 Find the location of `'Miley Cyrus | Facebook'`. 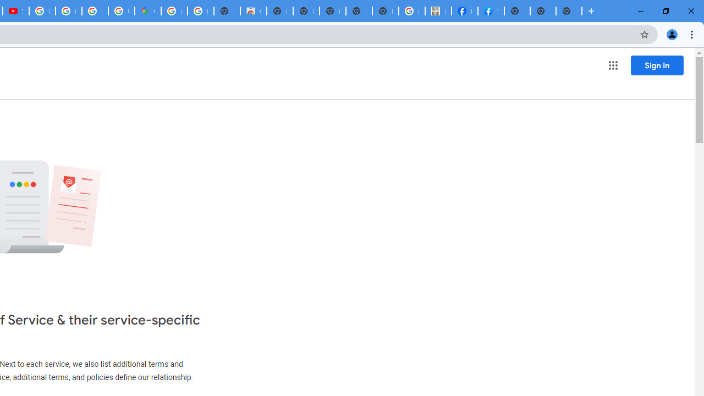

'Miley Cyrus | Facebook' is located at coordinates (464, 11).